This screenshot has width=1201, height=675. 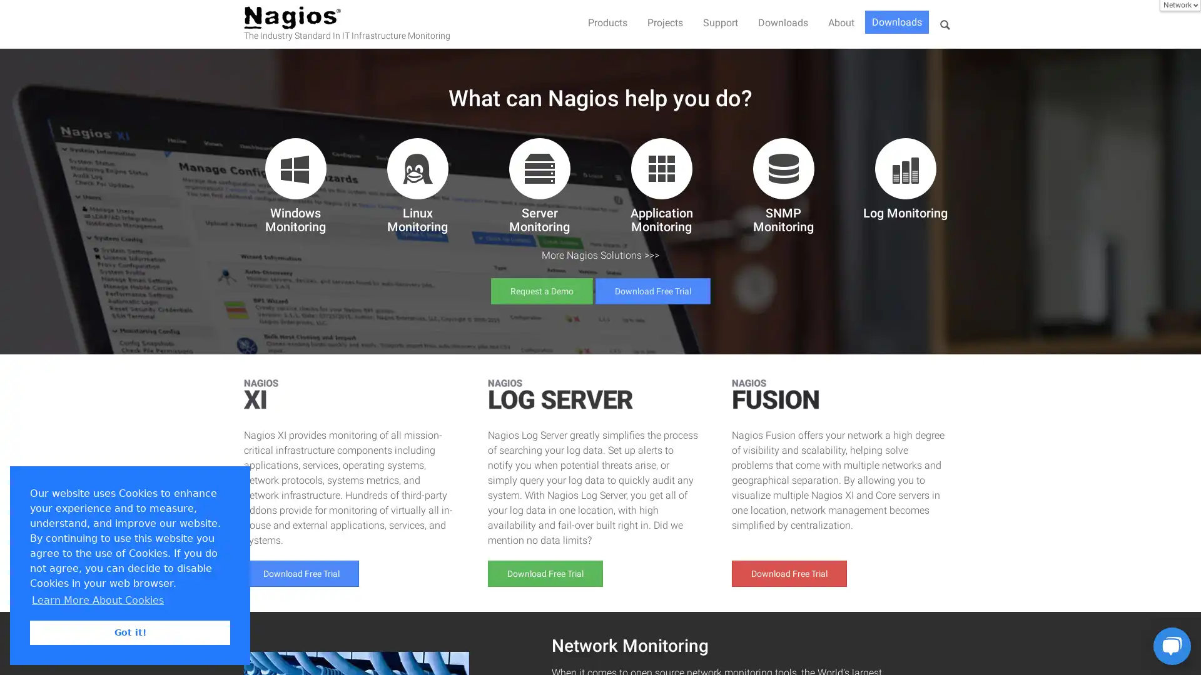 What do you see at coordinates (97, 599) in the screenshot?
I see `learn more about cookies` at bounding box center [97, 599].